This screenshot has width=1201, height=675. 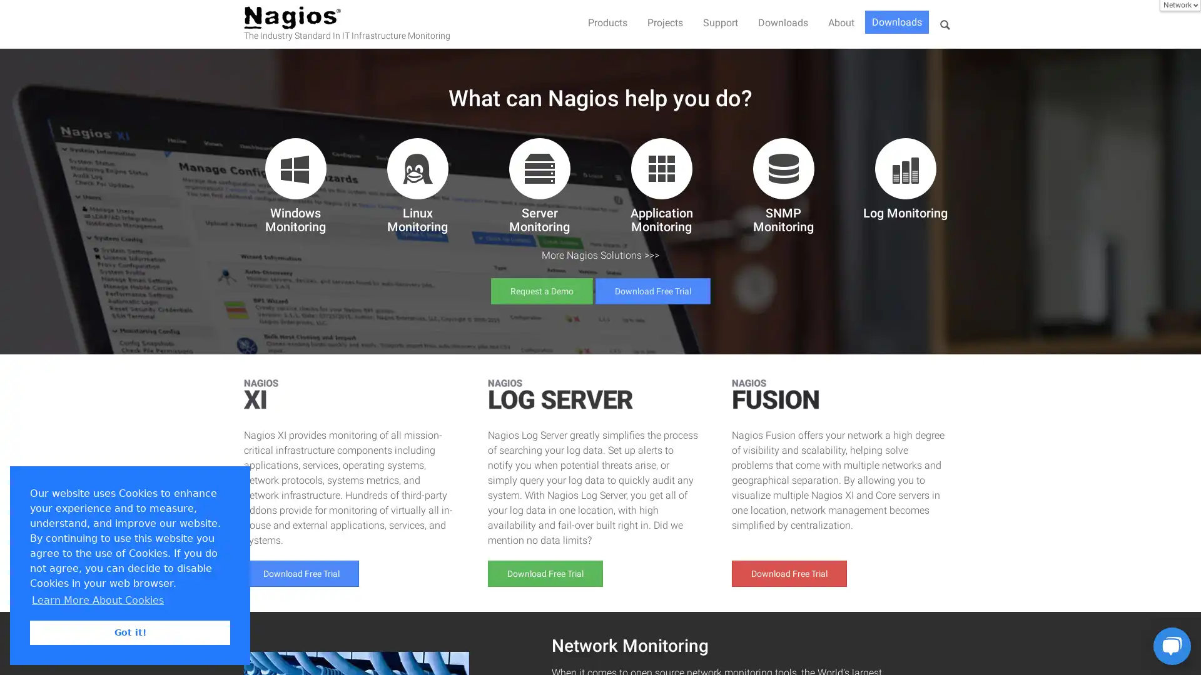 What do you see at coordinates (97, 599) in the screenshot?
I see `learn more about cookies` at bounding box center [97, 599].